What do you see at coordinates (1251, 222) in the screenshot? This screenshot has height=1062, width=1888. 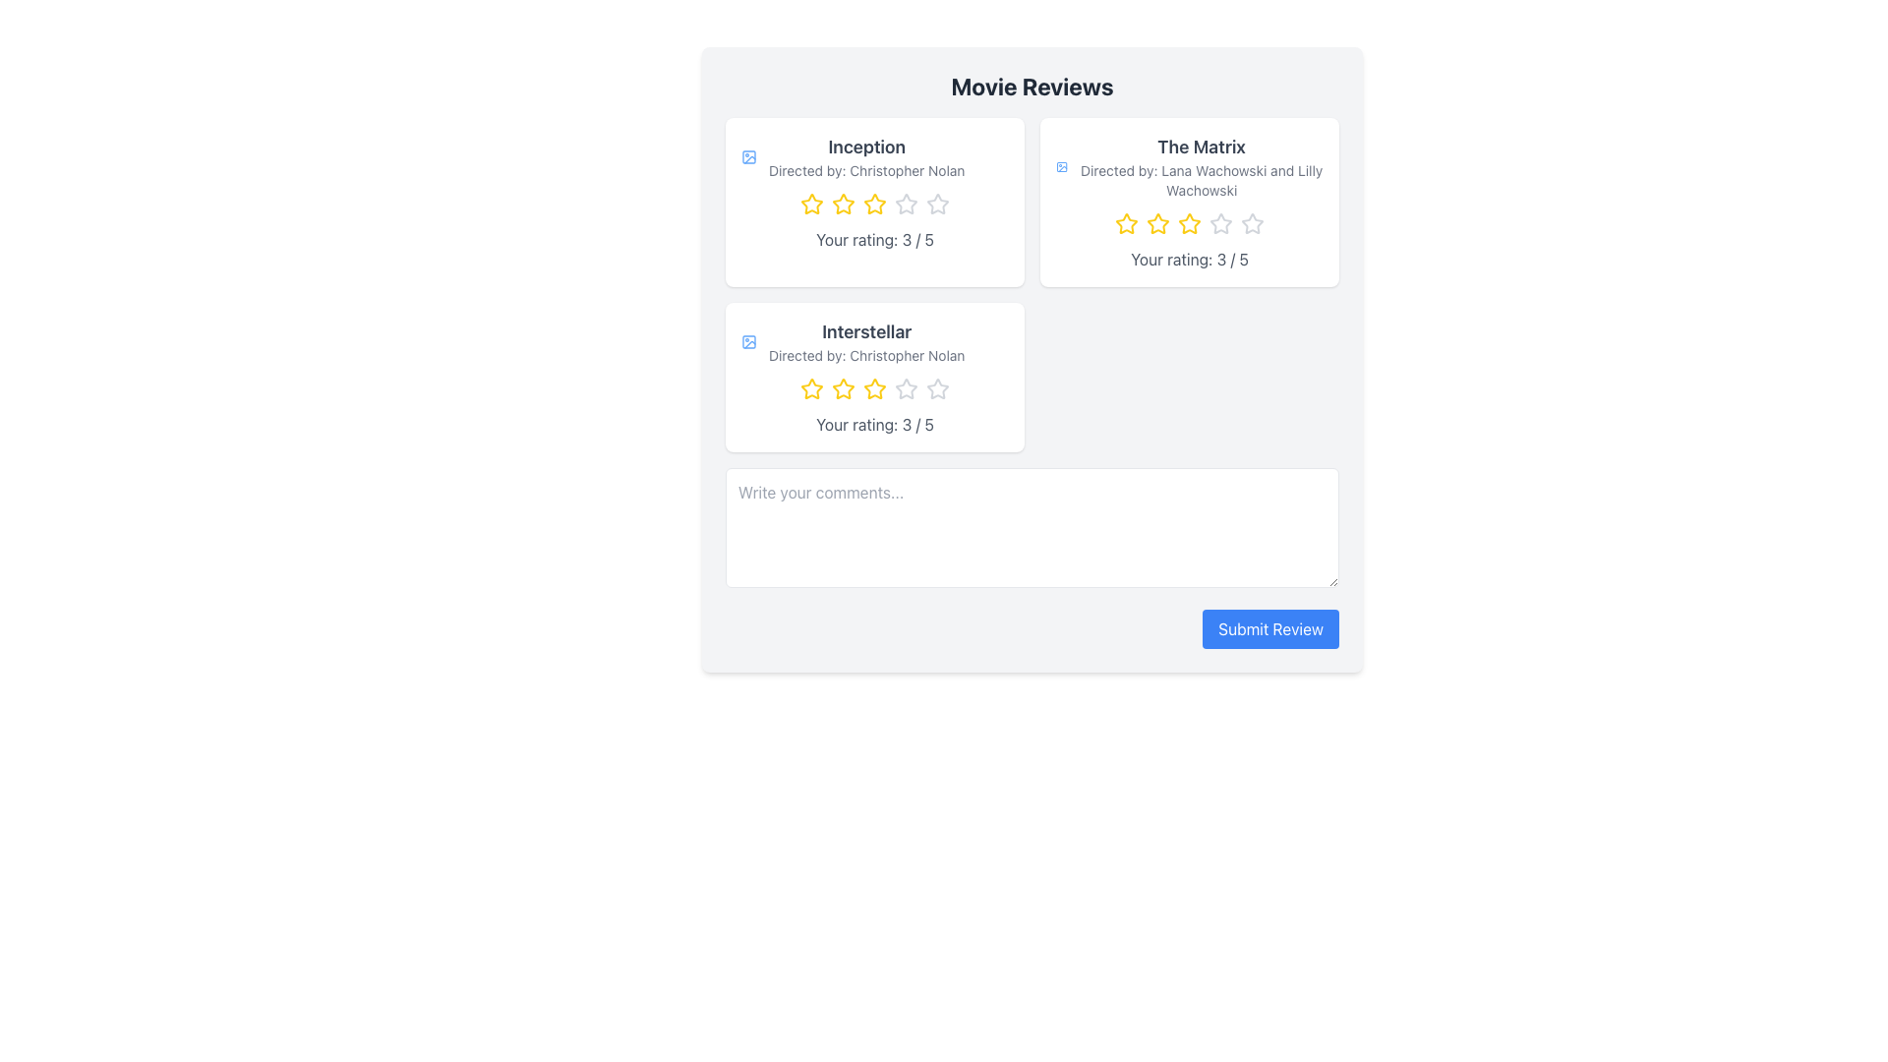 I see `the fifth gray outline star icon` at bounding box center [1251, 222].